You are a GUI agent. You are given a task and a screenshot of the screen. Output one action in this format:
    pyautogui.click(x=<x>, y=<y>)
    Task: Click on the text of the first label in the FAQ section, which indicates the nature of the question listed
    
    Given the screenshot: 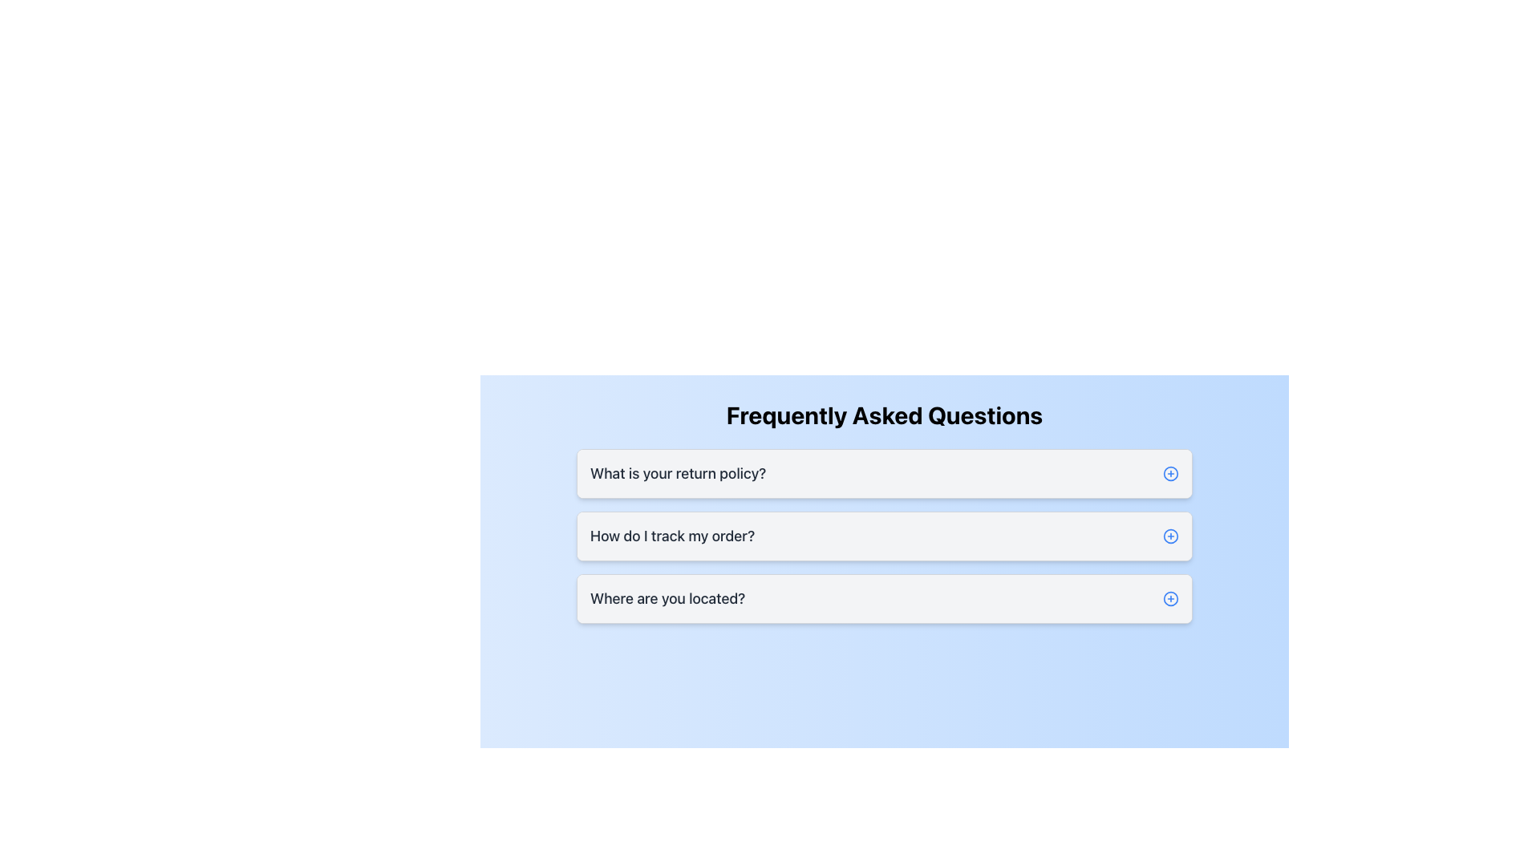 What is the action you would take?
    pyautogui.click(x=678, y=472)
    